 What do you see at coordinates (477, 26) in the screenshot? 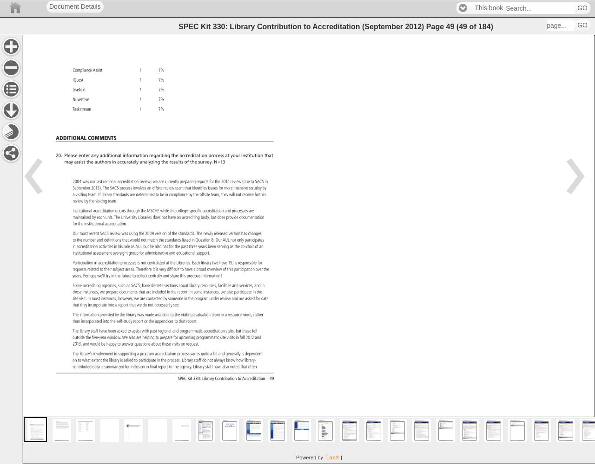
I see `'184'` at bounding box center [477, 26].